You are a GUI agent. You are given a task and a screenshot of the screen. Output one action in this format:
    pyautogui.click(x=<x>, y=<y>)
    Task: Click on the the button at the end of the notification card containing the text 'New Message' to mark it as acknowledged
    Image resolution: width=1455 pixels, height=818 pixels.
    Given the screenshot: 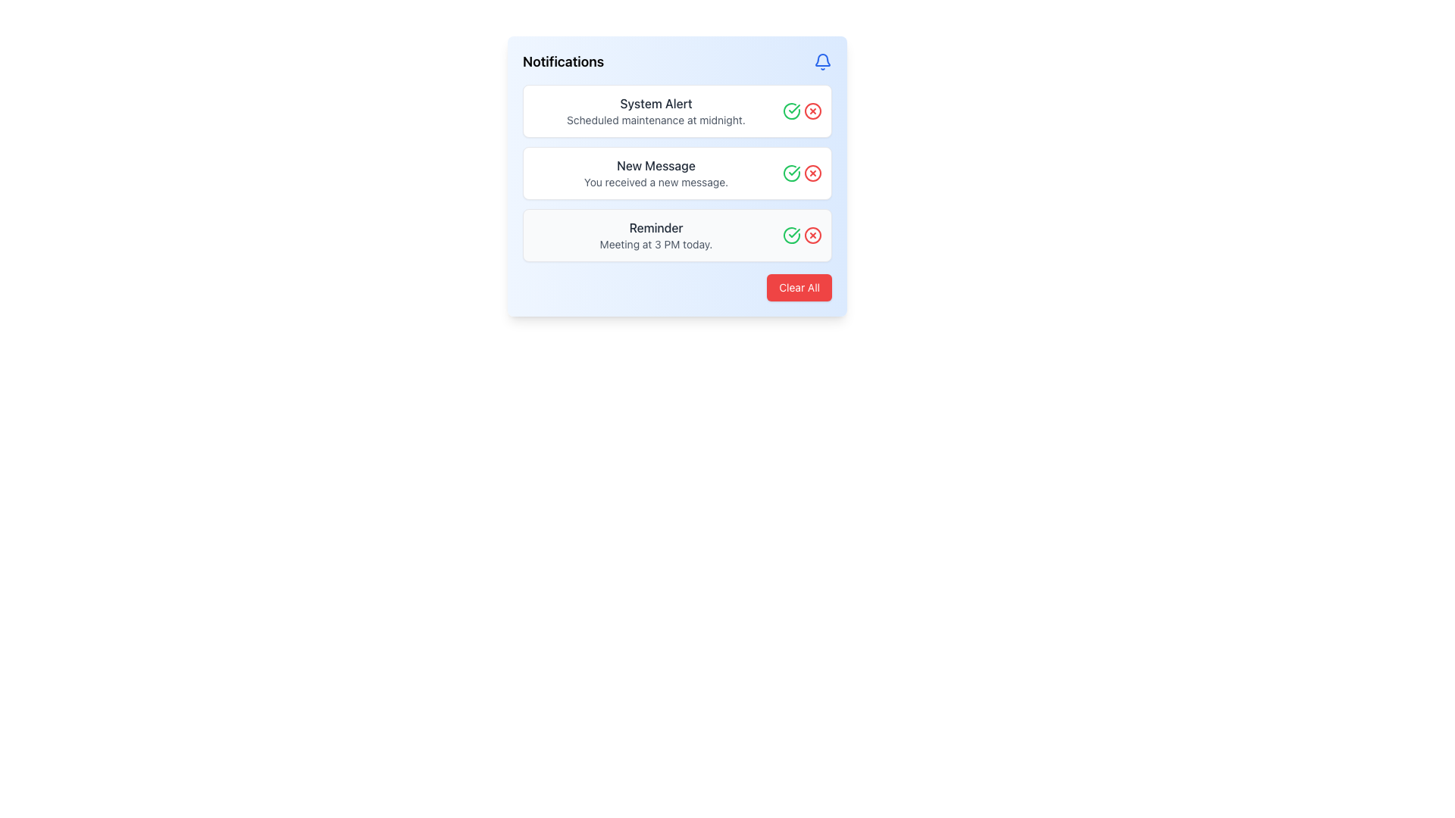 What is the action you would take?
    pyautogui.click(x=791, y=172)
    